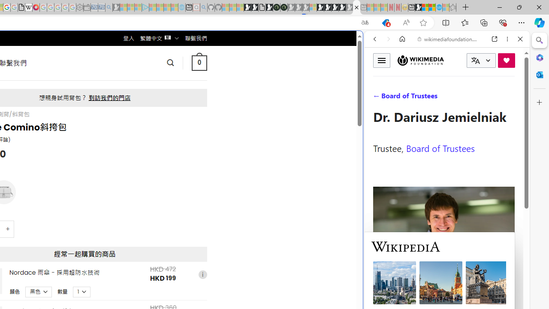 The height and width of the screenshot is (309, 549). What do you see at coordinates (202, 274) in the screenshot?
I see `'i'` at bounding box center [202, 274].